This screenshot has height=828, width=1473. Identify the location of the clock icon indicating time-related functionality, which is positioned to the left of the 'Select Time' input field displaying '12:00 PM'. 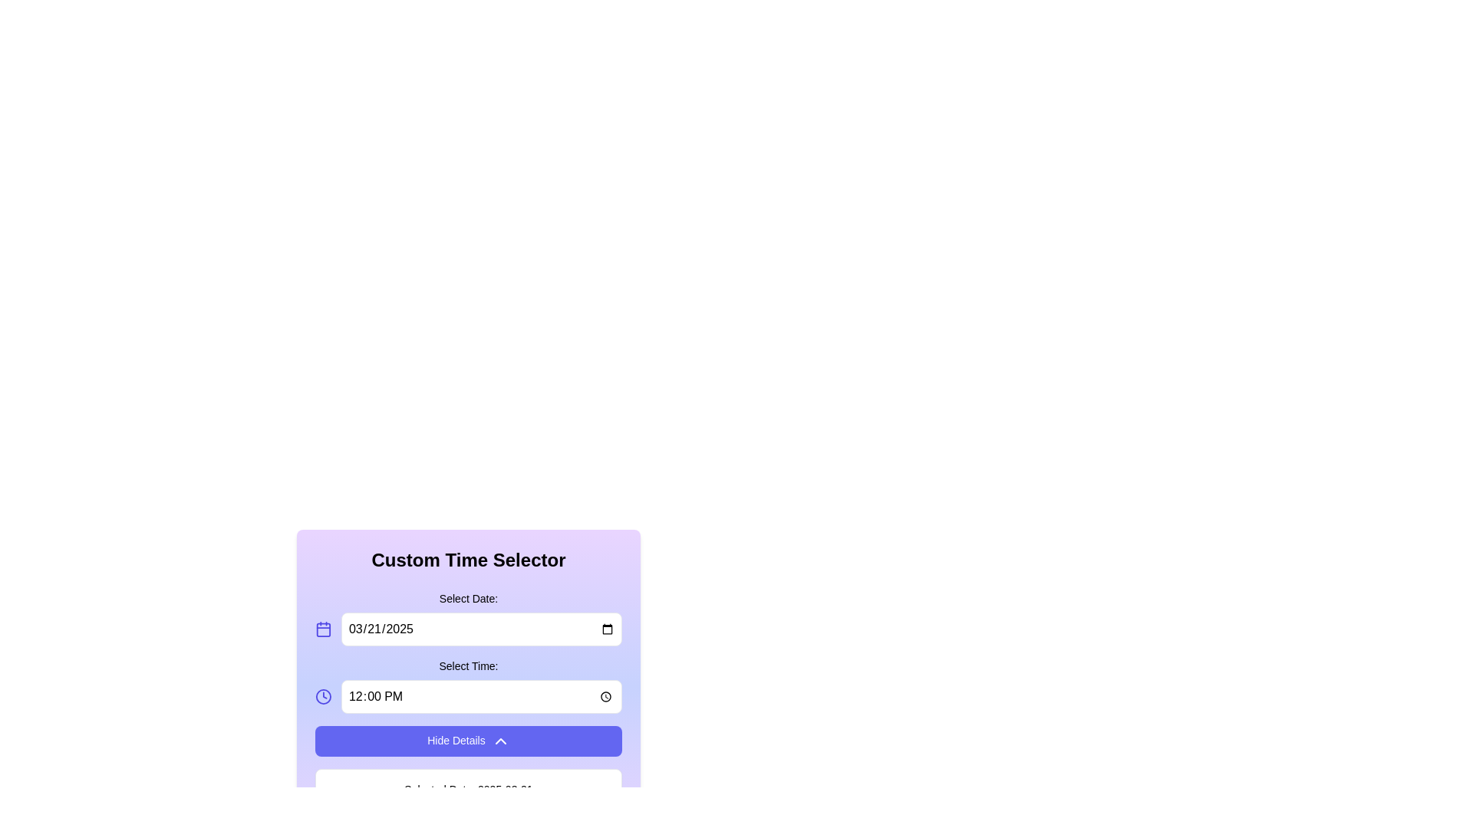
(323, 697).